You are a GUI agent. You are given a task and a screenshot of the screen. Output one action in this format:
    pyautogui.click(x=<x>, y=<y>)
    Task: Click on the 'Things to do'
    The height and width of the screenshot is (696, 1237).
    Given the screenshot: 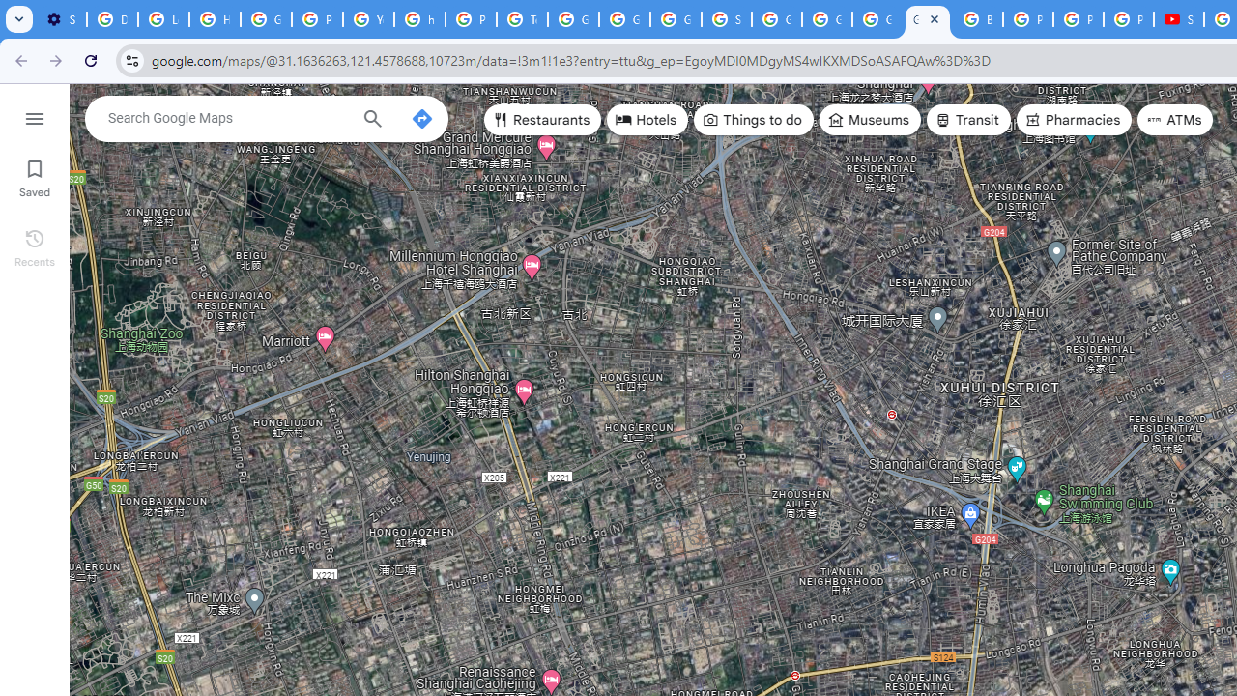 What is the action you would take?
    pyautogui.click(x=753, y=120)
    